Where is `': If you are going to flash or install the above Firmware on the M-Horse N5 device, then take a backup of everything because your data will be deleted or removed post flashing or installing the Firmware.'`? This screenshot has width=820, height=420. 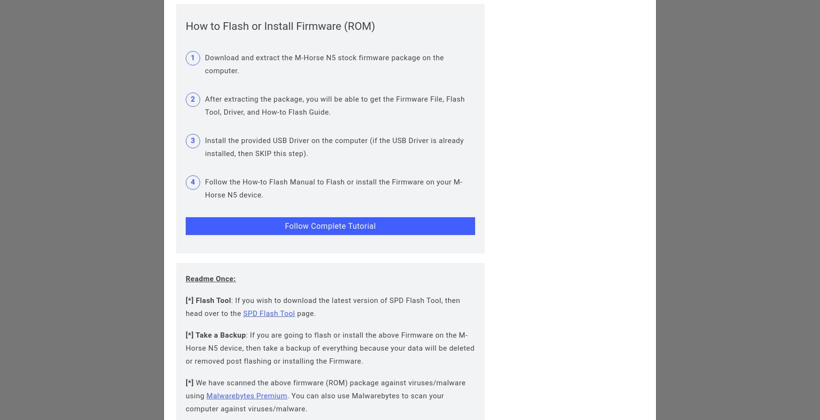 ': If you are going to flash or install the above Firmware on the M-Horse N5 device, then take a backup of everything because your data will be deleted or removed post flashing or installing the Firmware.' is located at coordinates (330, 347).